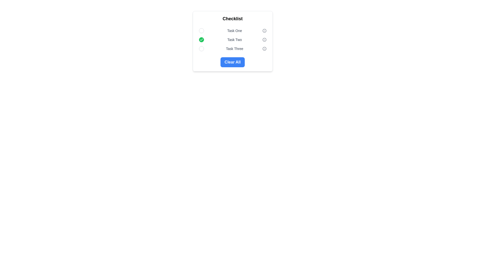 This screenshot has height=270, width=480. What do you see at coordinates (264, 31) in the screenshot?
I see `the information icon, which is a gray circular outline with an 'i' character, located at the end of the 'Task One' list item for more information` at bounding box center [264, 31].